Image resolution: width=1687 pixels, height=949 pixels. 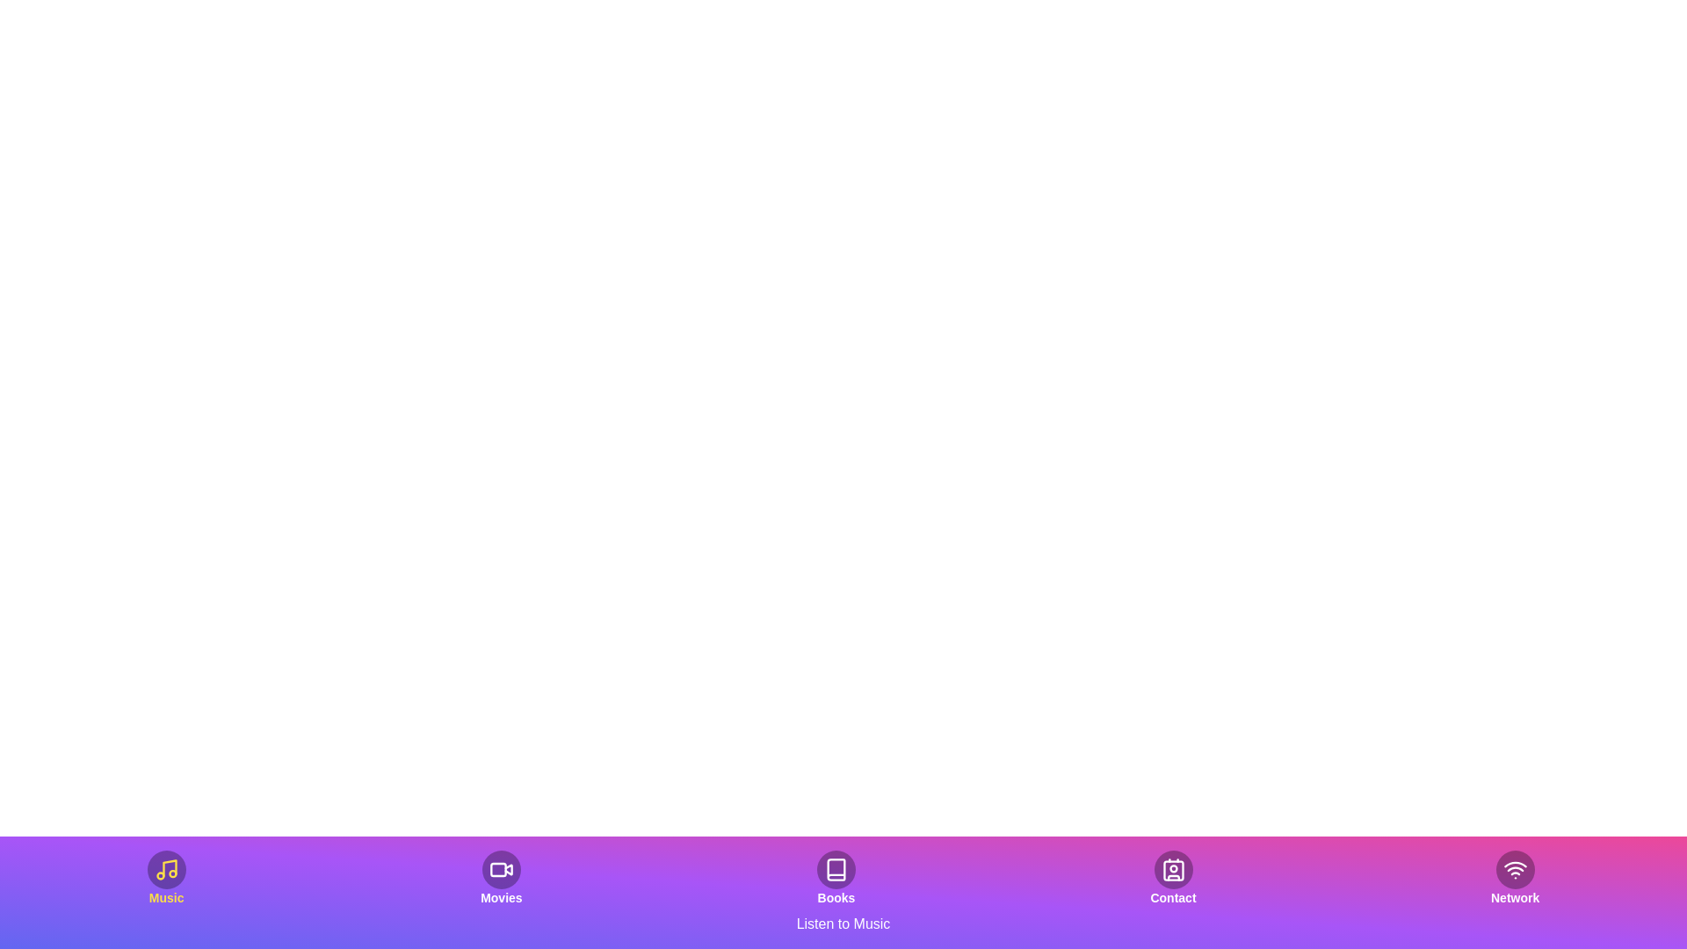 What do you see at coordinates (166, 878) in the screenshot?
I see `the button labeled 'Music' to observe the visual effect` at bounding box center [166, 878].